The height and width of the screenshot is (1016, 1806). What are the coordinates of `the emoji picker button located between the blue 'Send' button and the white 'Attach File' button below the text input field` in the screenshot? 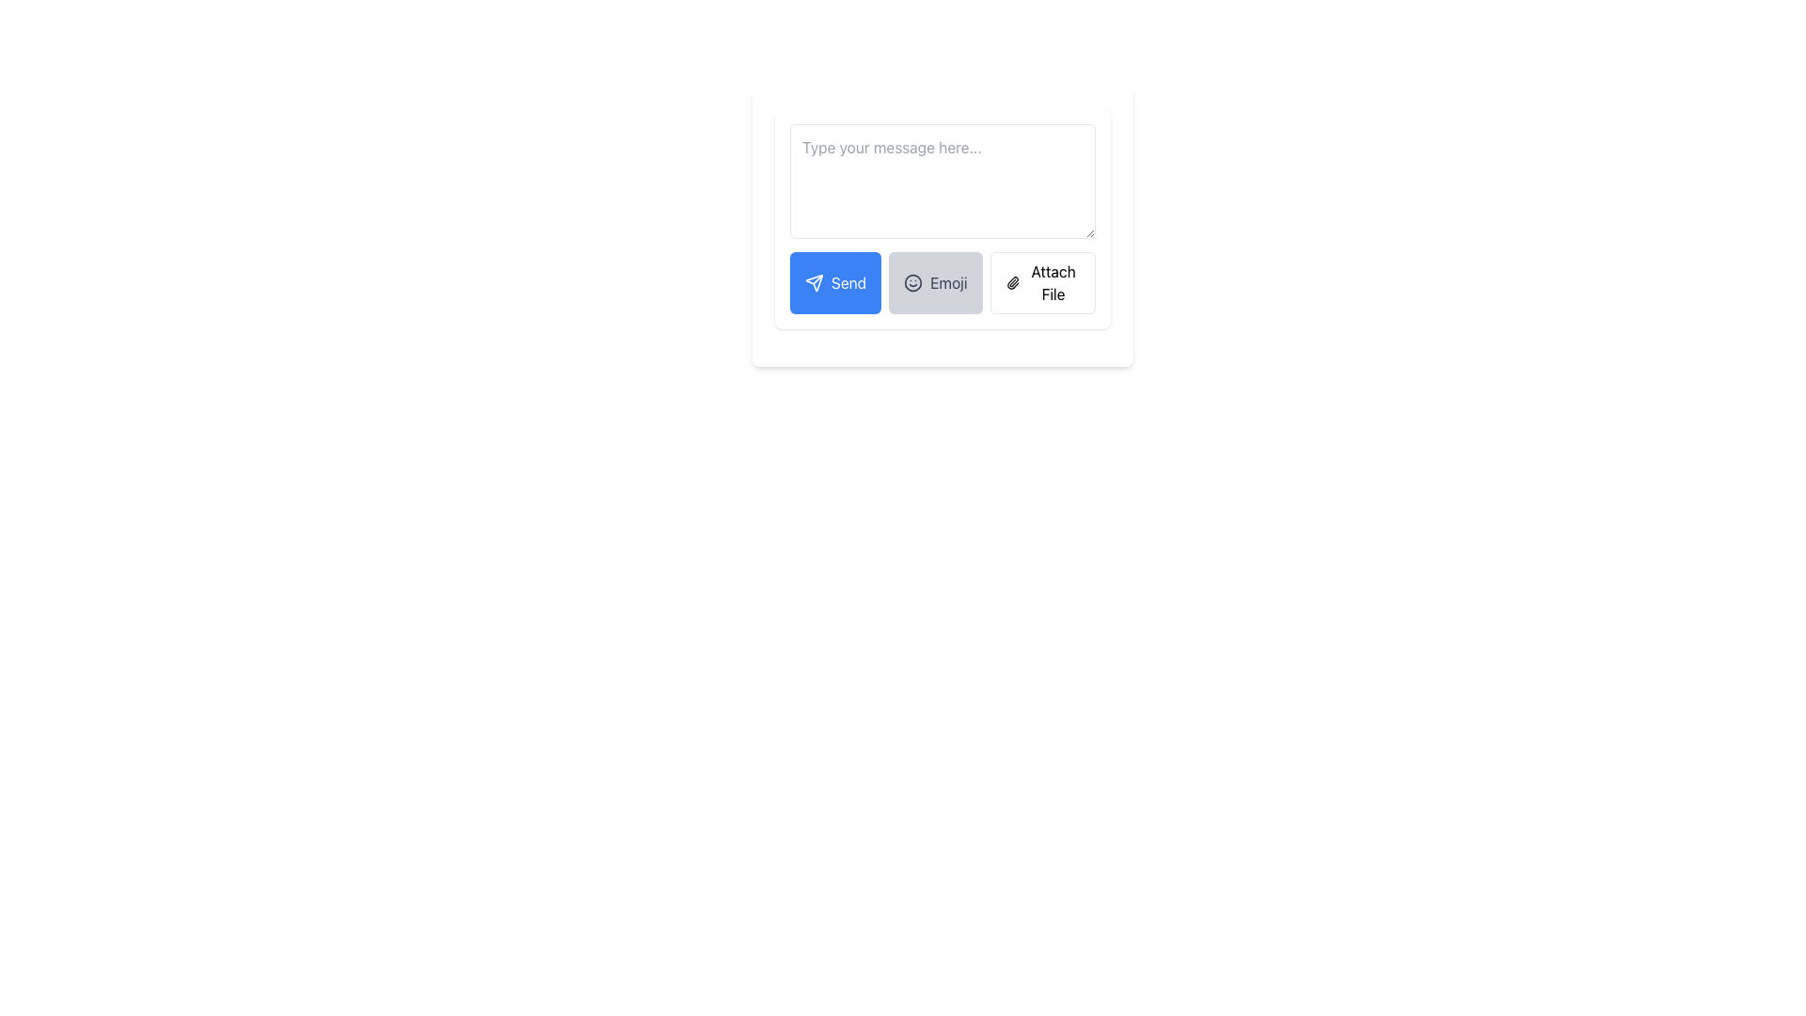 It's located at (935, 282).